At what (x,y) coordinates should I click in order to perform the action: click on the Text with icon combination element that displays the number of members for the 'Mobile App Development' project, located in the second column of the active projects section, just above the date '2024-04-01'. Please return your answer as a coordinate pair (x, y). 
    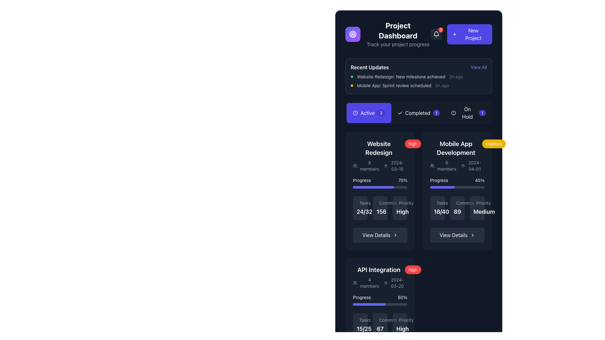
    Looking at the image, I should click on (443, 166).